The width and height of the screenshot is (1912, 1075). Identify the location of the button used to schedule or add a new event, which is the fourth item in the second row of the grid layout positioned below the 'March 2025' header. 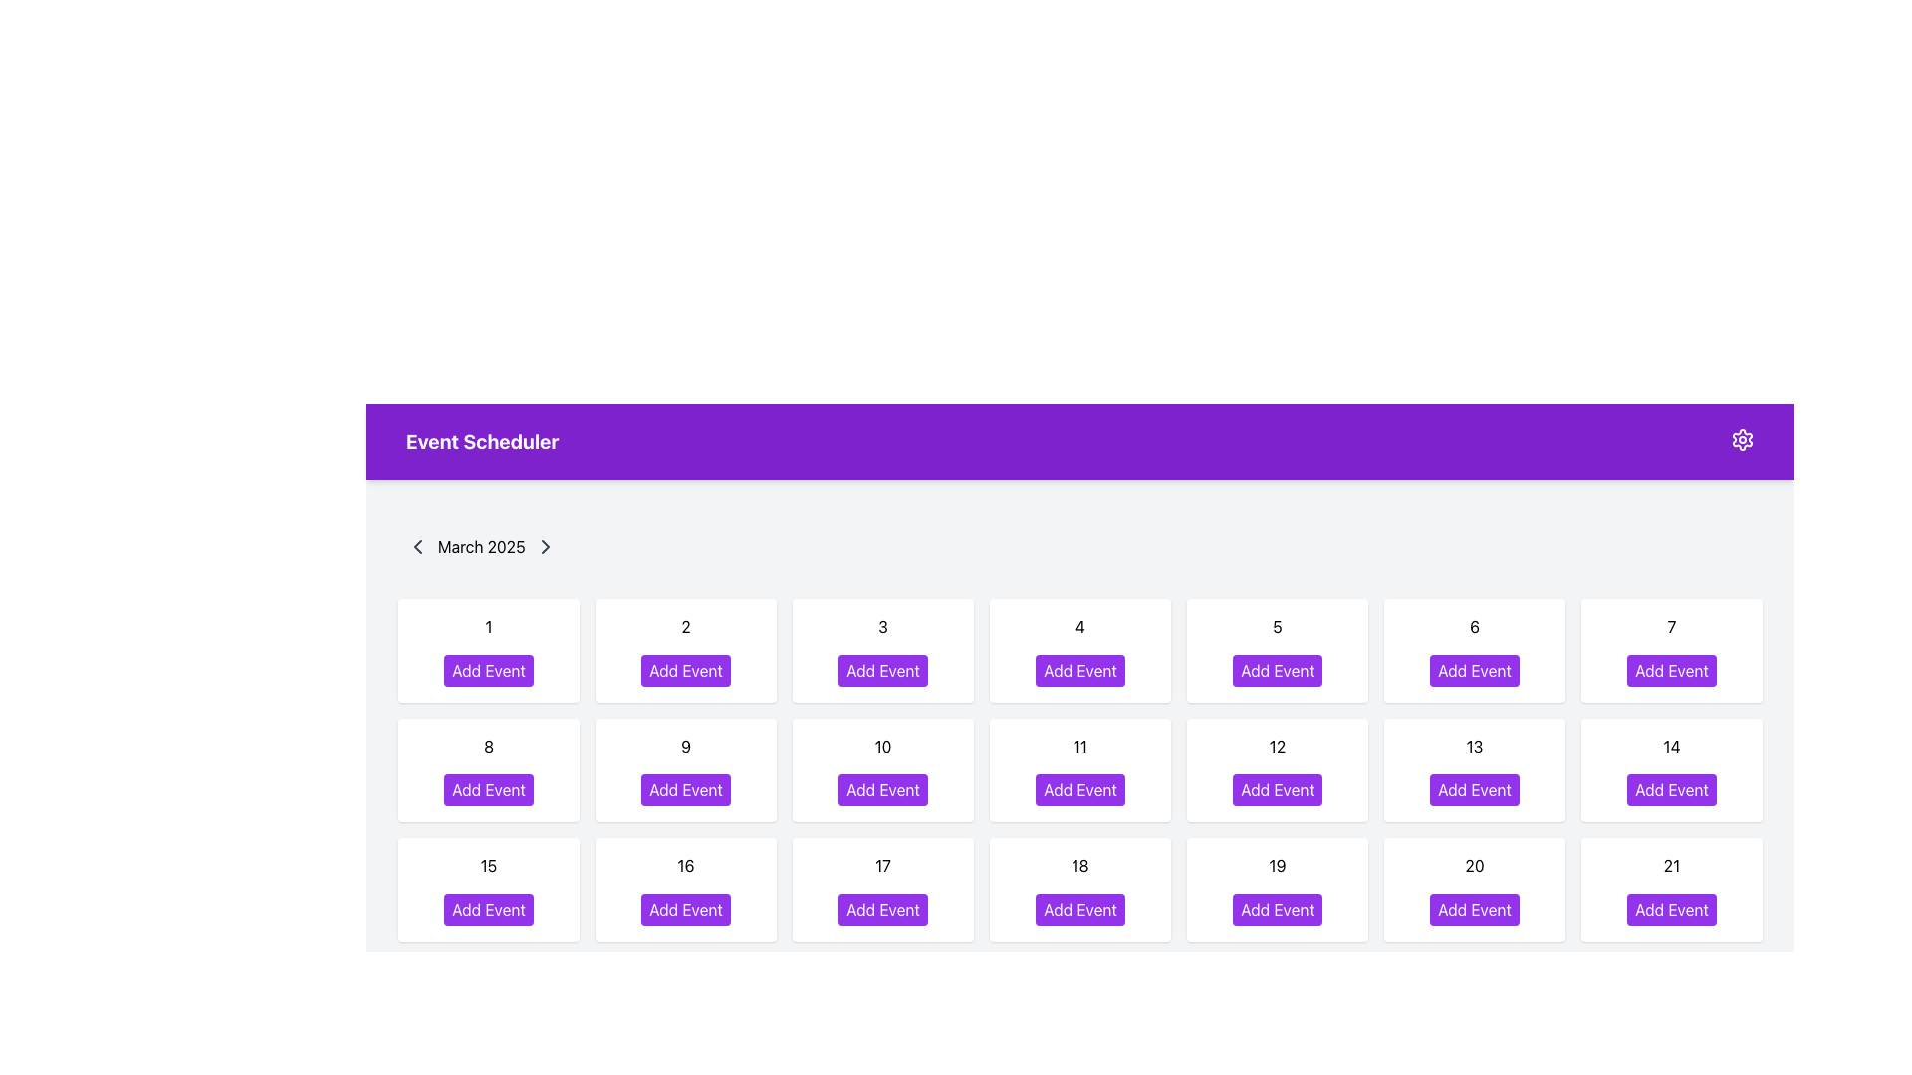
(882, 789).